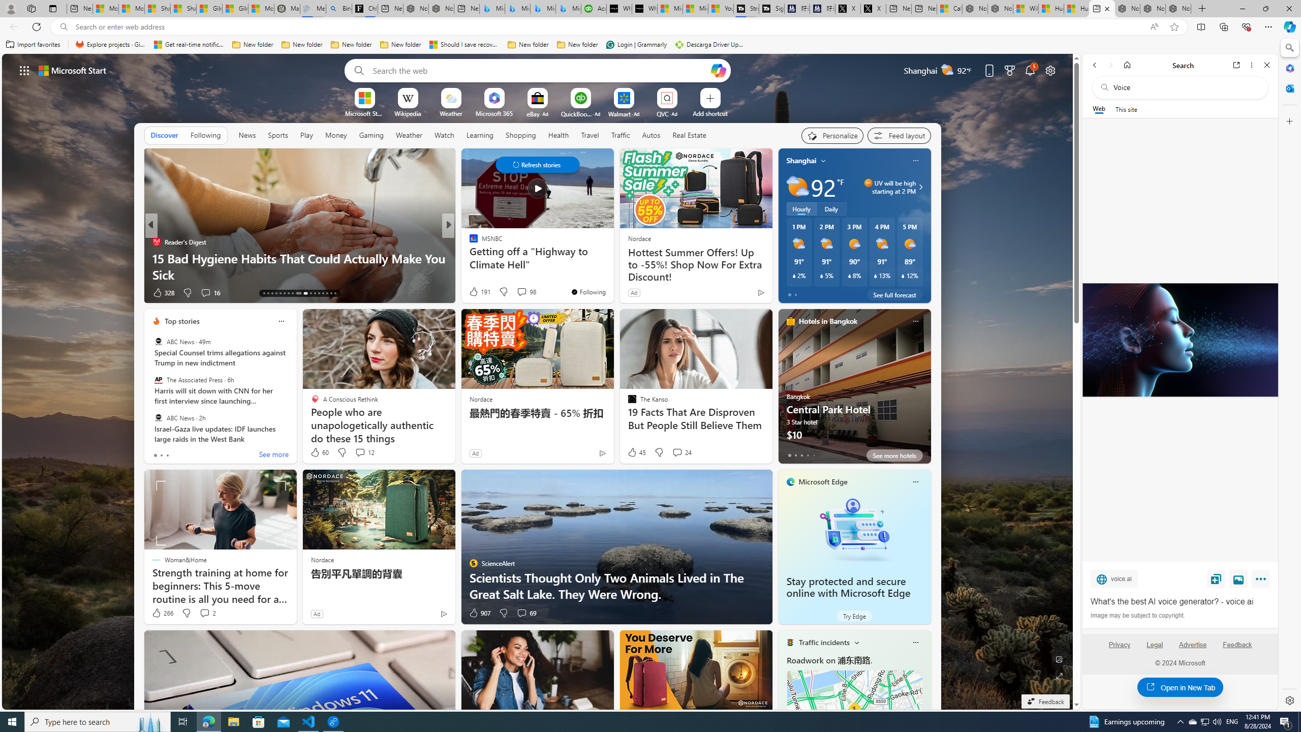 This screenshot has width=1301, height=732. I want to click on 'tab-4', so click(814, 455).